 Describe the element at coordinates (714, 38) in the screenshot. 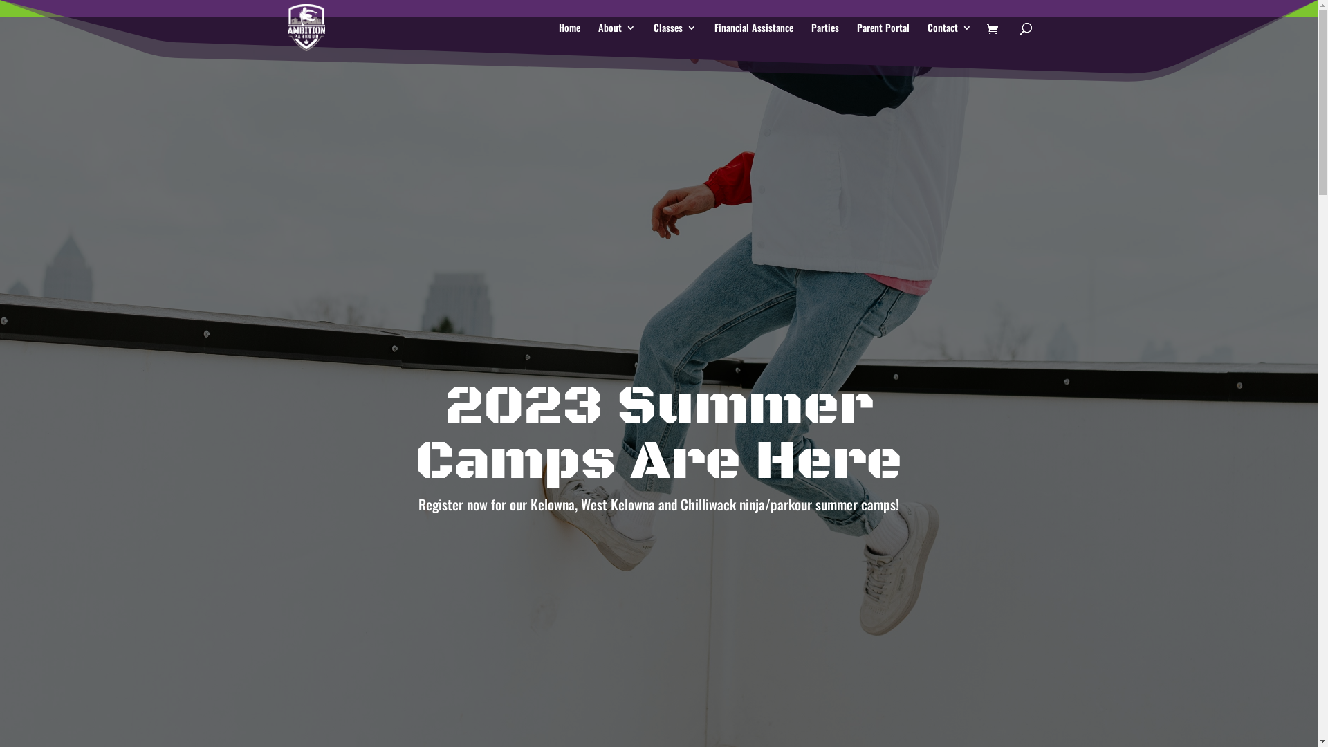

I see `'Financial Assistance'` at that location.